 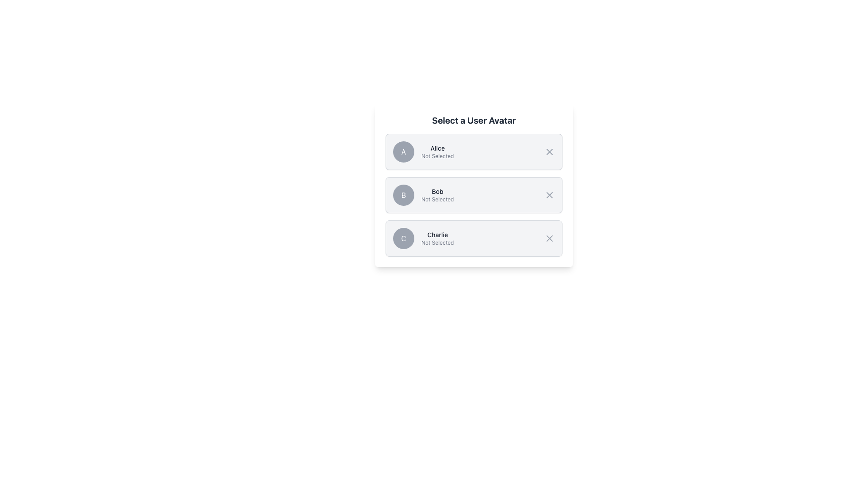 I want to click on the text display element showing 'Charlie' and status 'Not Selected', located below the avatar placeholder 'C' in the user avatar selection list, so click(x=437, y=238).